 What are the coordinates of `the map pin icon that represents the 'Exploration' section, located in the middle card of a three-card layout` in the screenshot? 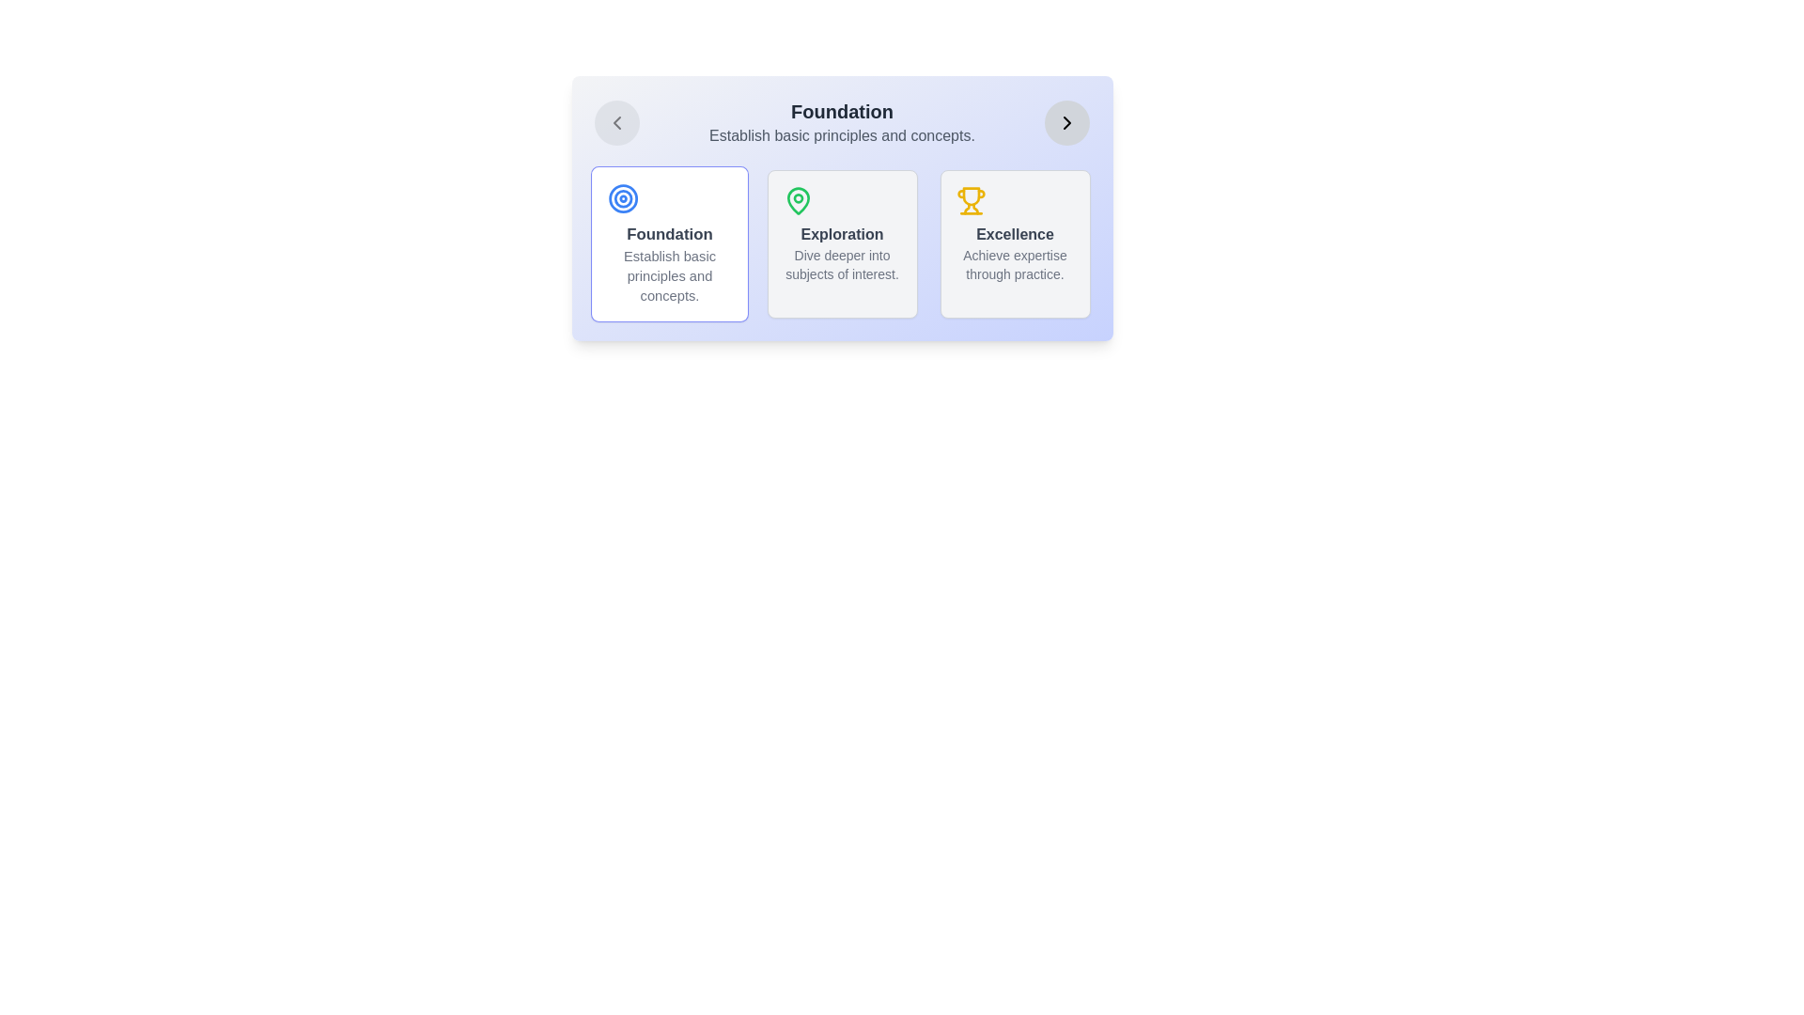 It's located at (798, 200).